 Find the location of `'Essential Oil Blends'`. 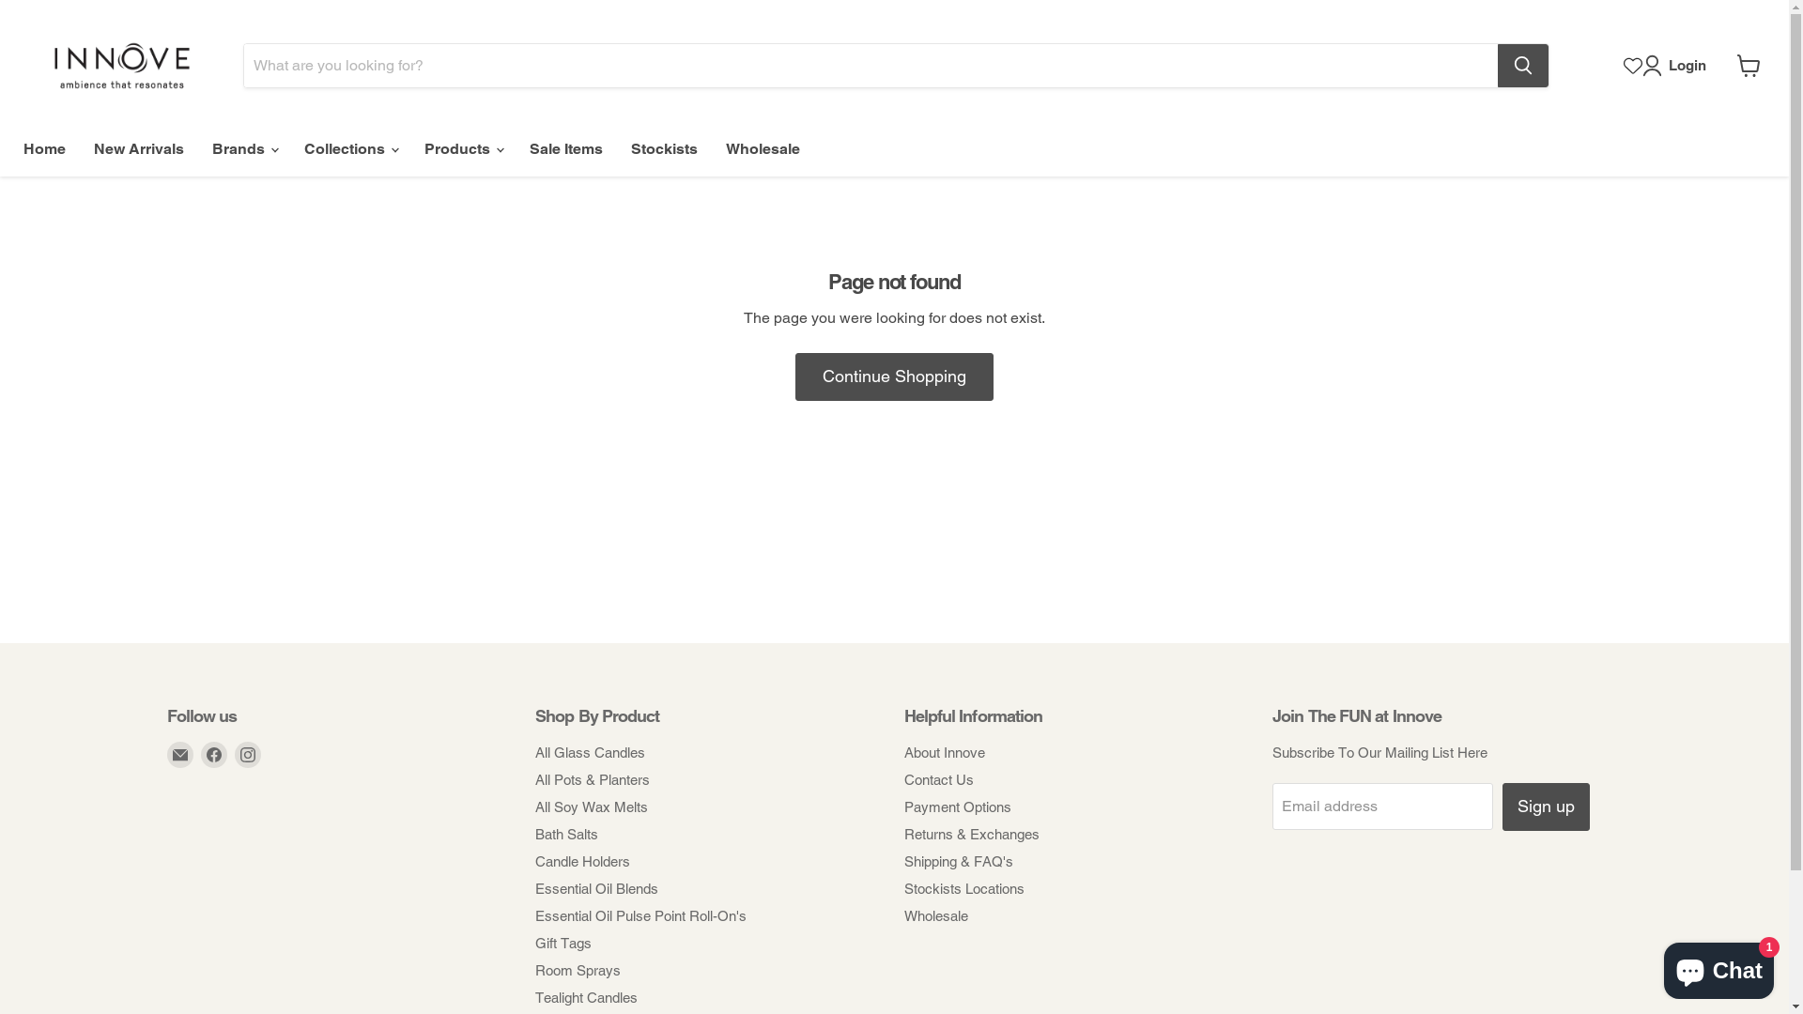

'Essential Oil Blends' is located at coordinates (534, 887).